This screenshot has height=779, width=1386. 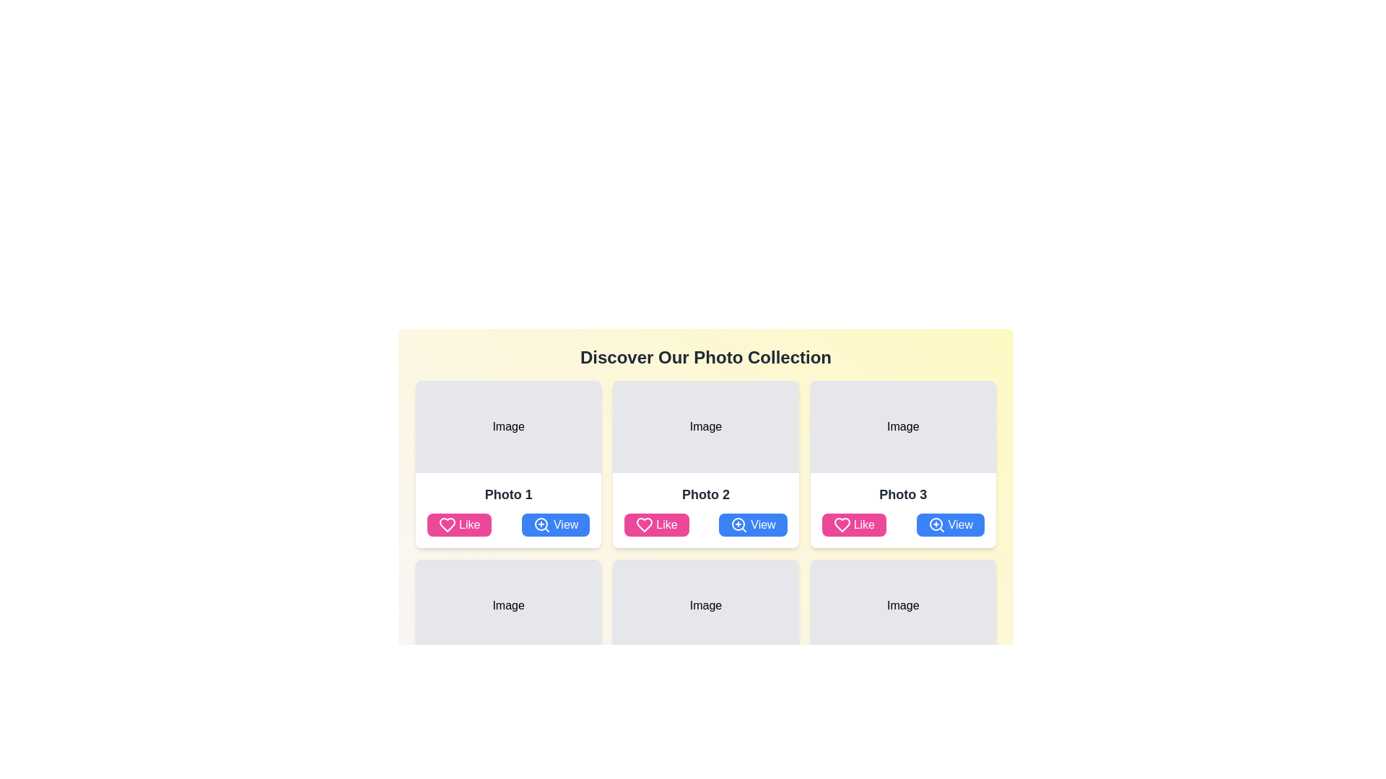 What do you see at coordinates (950, 525) in the screenshot?
I see `the blue button labeled 'View' with a magnifying glass icon, located` at bounding box center [950, 525].